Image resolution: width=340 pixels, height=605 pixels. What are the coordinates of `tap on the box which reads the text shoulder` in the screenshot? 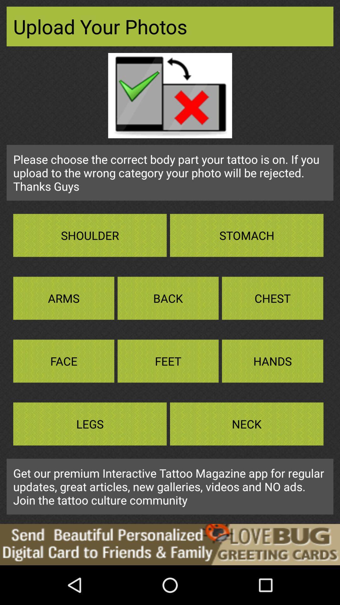 It's located at (90, 235).